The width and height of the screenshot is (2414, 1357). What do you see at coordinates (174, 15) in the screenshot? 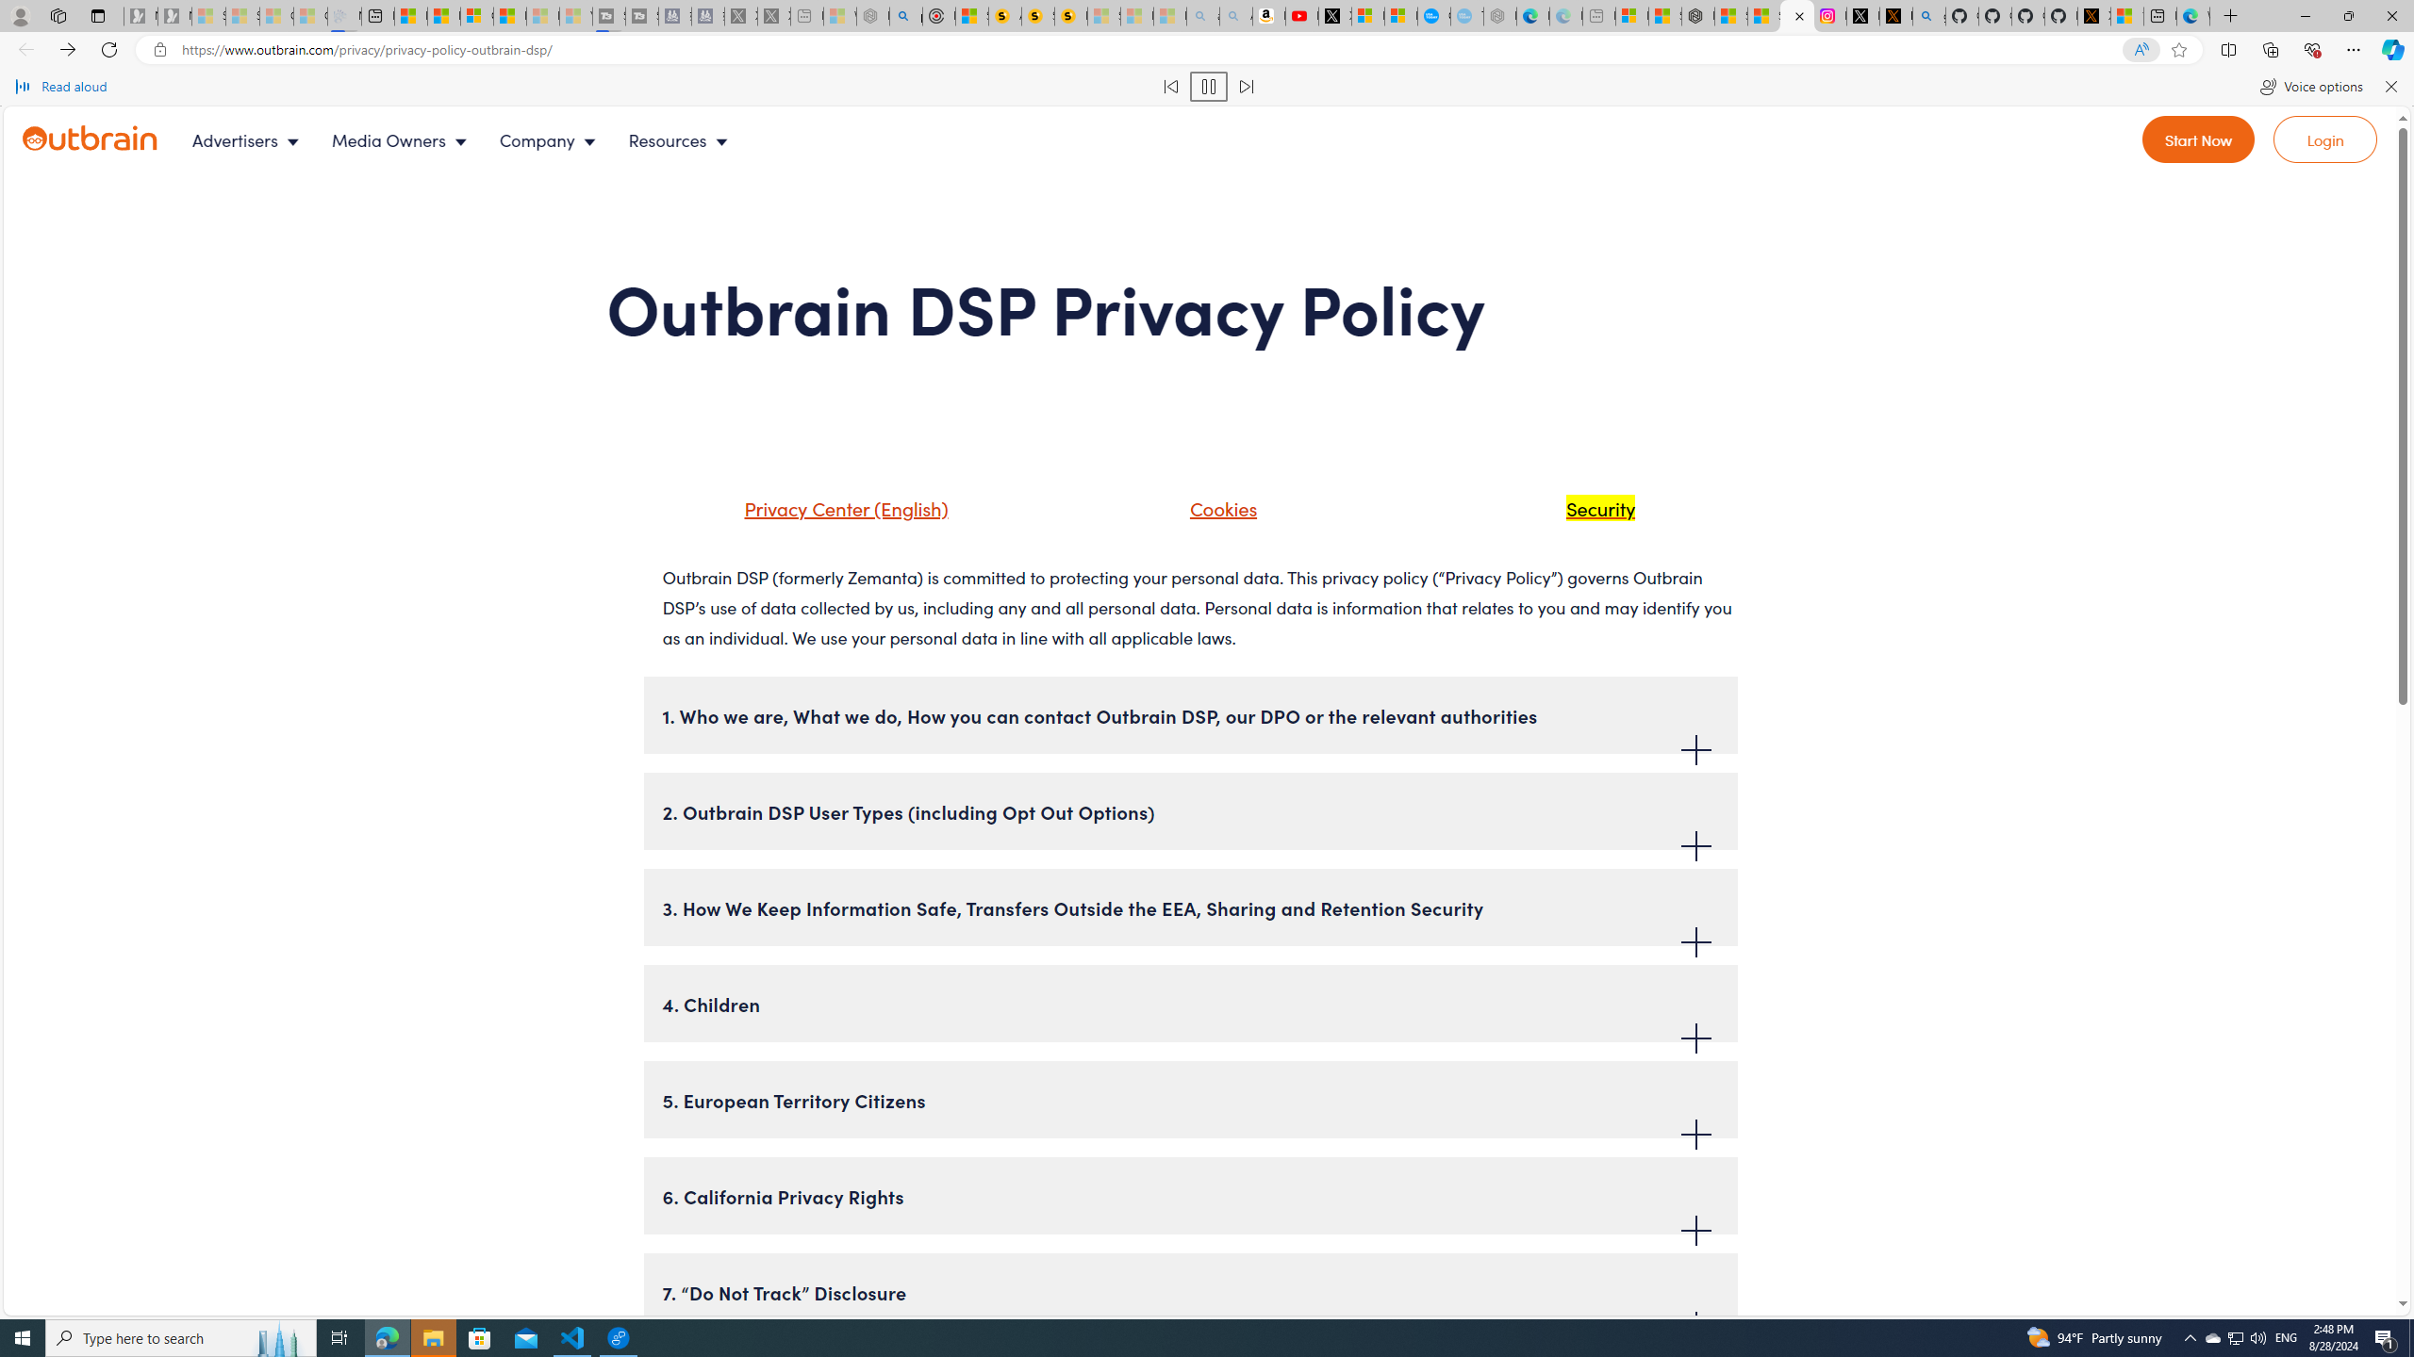
I see `'Newsletter Sign Up - Sleeping'` at bounding box center [174, 15].